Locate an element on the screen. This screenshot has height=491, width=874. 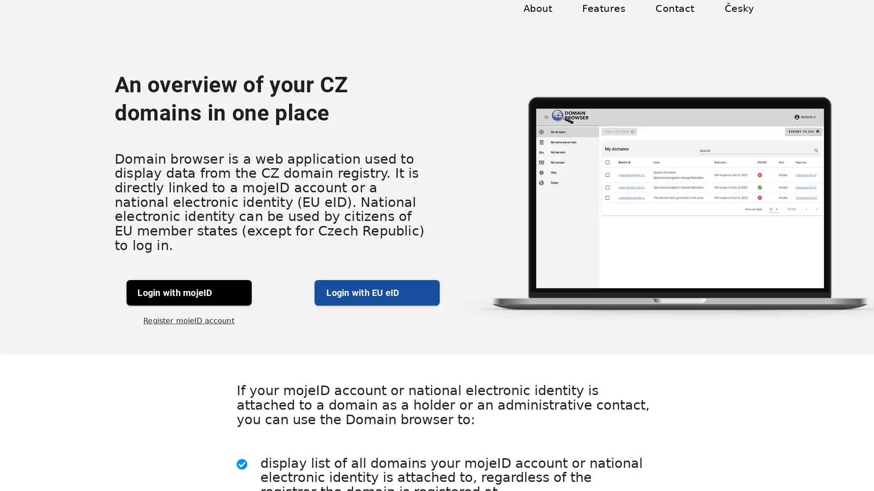
Cesky is located at coordinates (740, 19).